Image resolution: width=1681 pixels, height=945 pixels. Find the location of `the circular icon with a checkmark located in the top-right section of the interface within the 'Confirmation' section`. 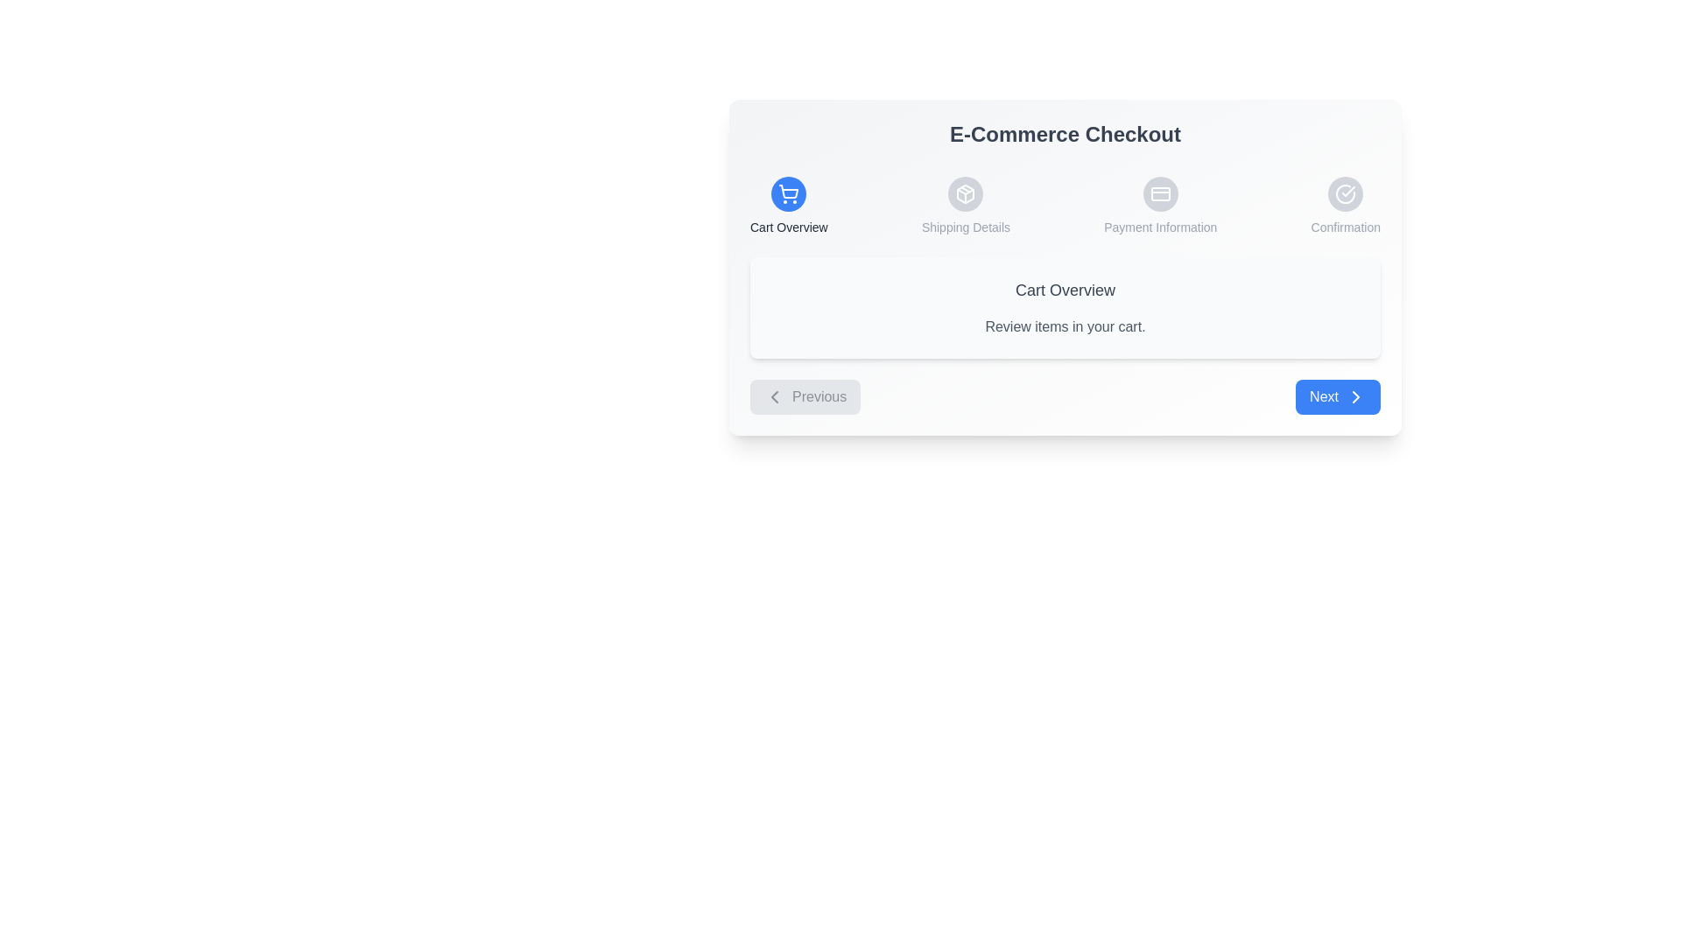

the circular icon with a checkmark located in the top-right section of the interface within the 'Confirmation' section is located at coordinates (1345, 194).